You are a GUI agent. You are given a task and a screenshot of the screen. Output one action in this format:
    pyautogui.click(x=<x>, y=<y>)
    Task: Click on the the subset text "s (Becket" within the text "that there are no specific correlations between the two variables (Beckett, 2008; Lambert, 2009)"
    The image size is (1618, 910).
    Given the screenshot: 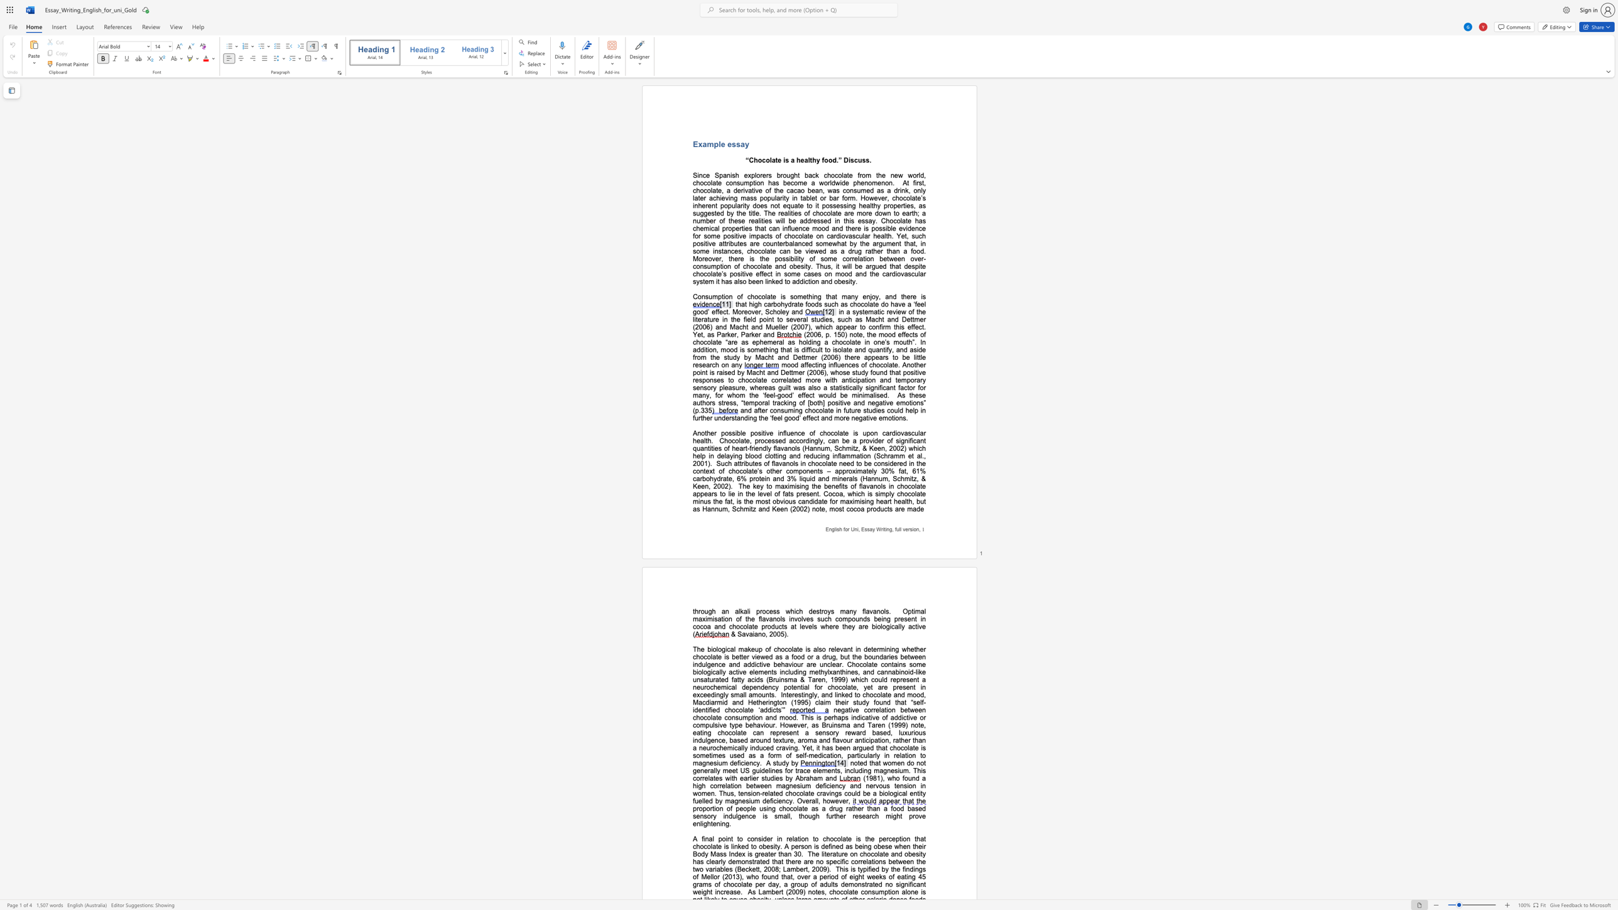 What is the action you would take?
    pyautogui.click(x=729, y=869)
    